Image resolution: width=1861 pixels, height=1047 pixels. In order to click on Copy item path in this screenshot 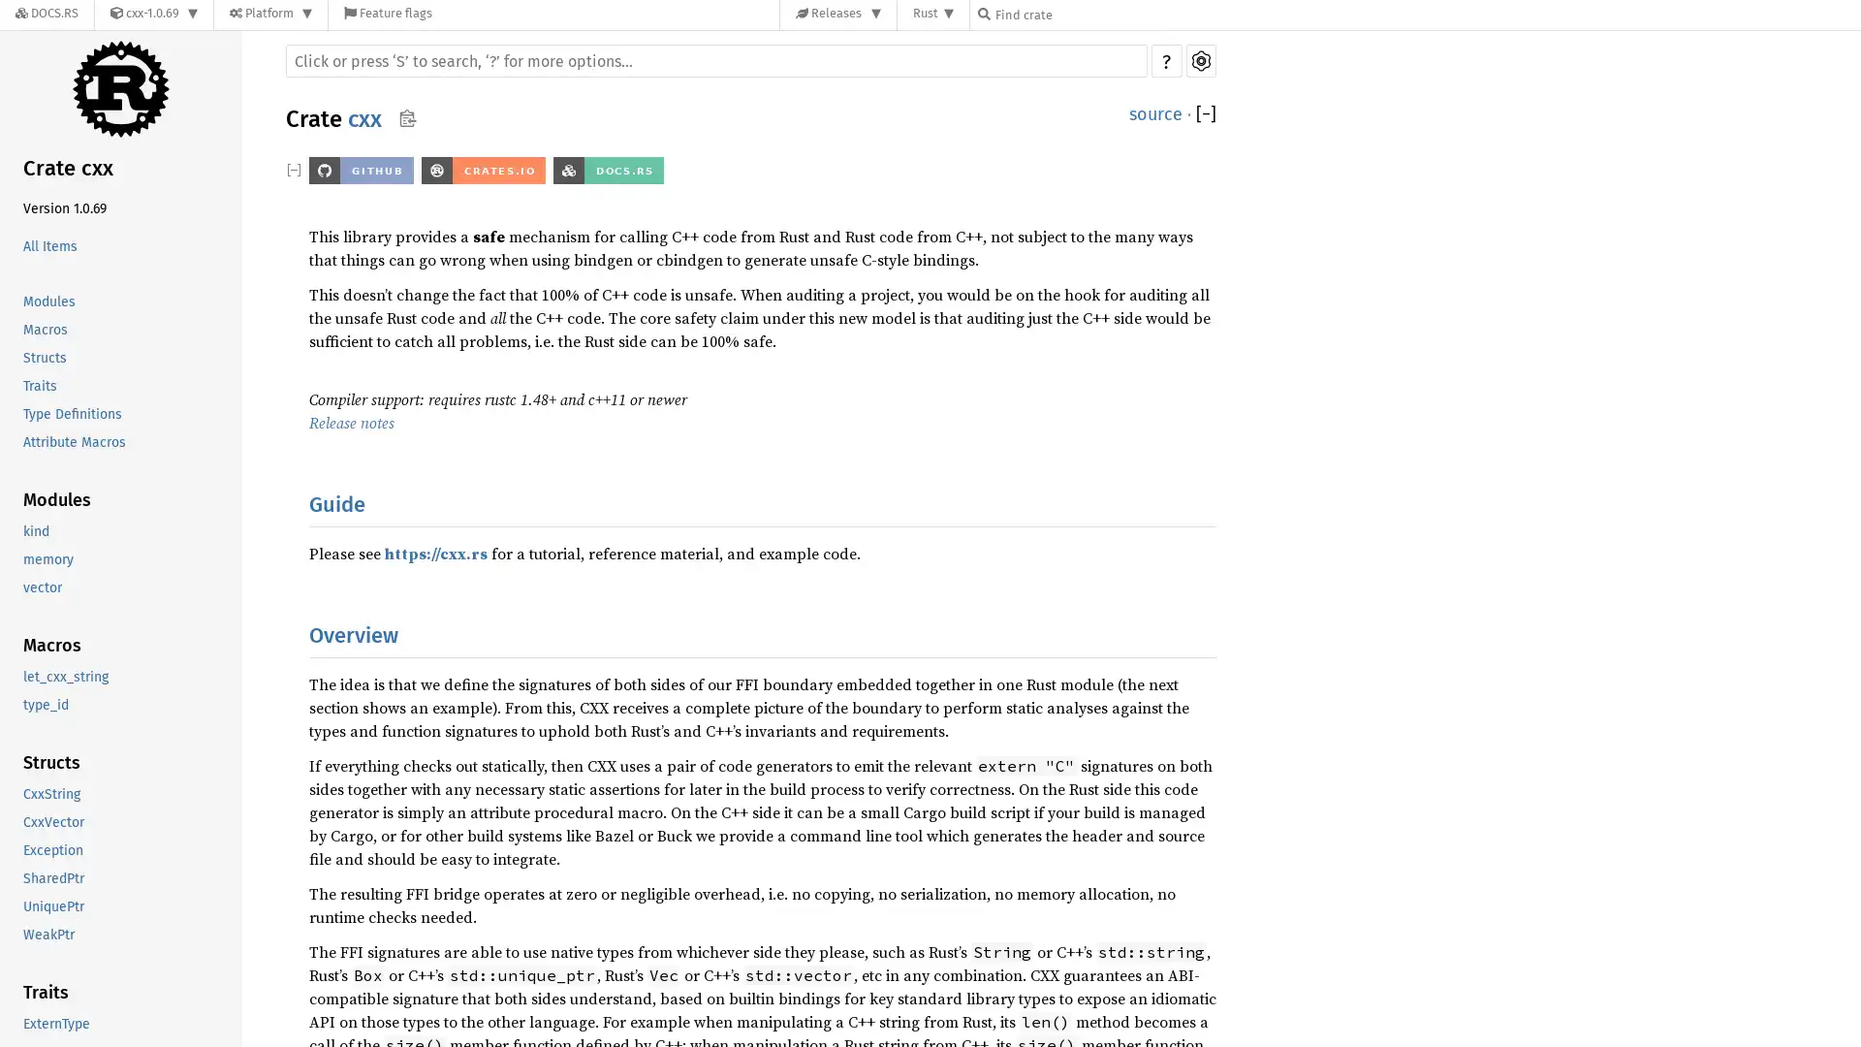, I will do `click(406, 118)`.